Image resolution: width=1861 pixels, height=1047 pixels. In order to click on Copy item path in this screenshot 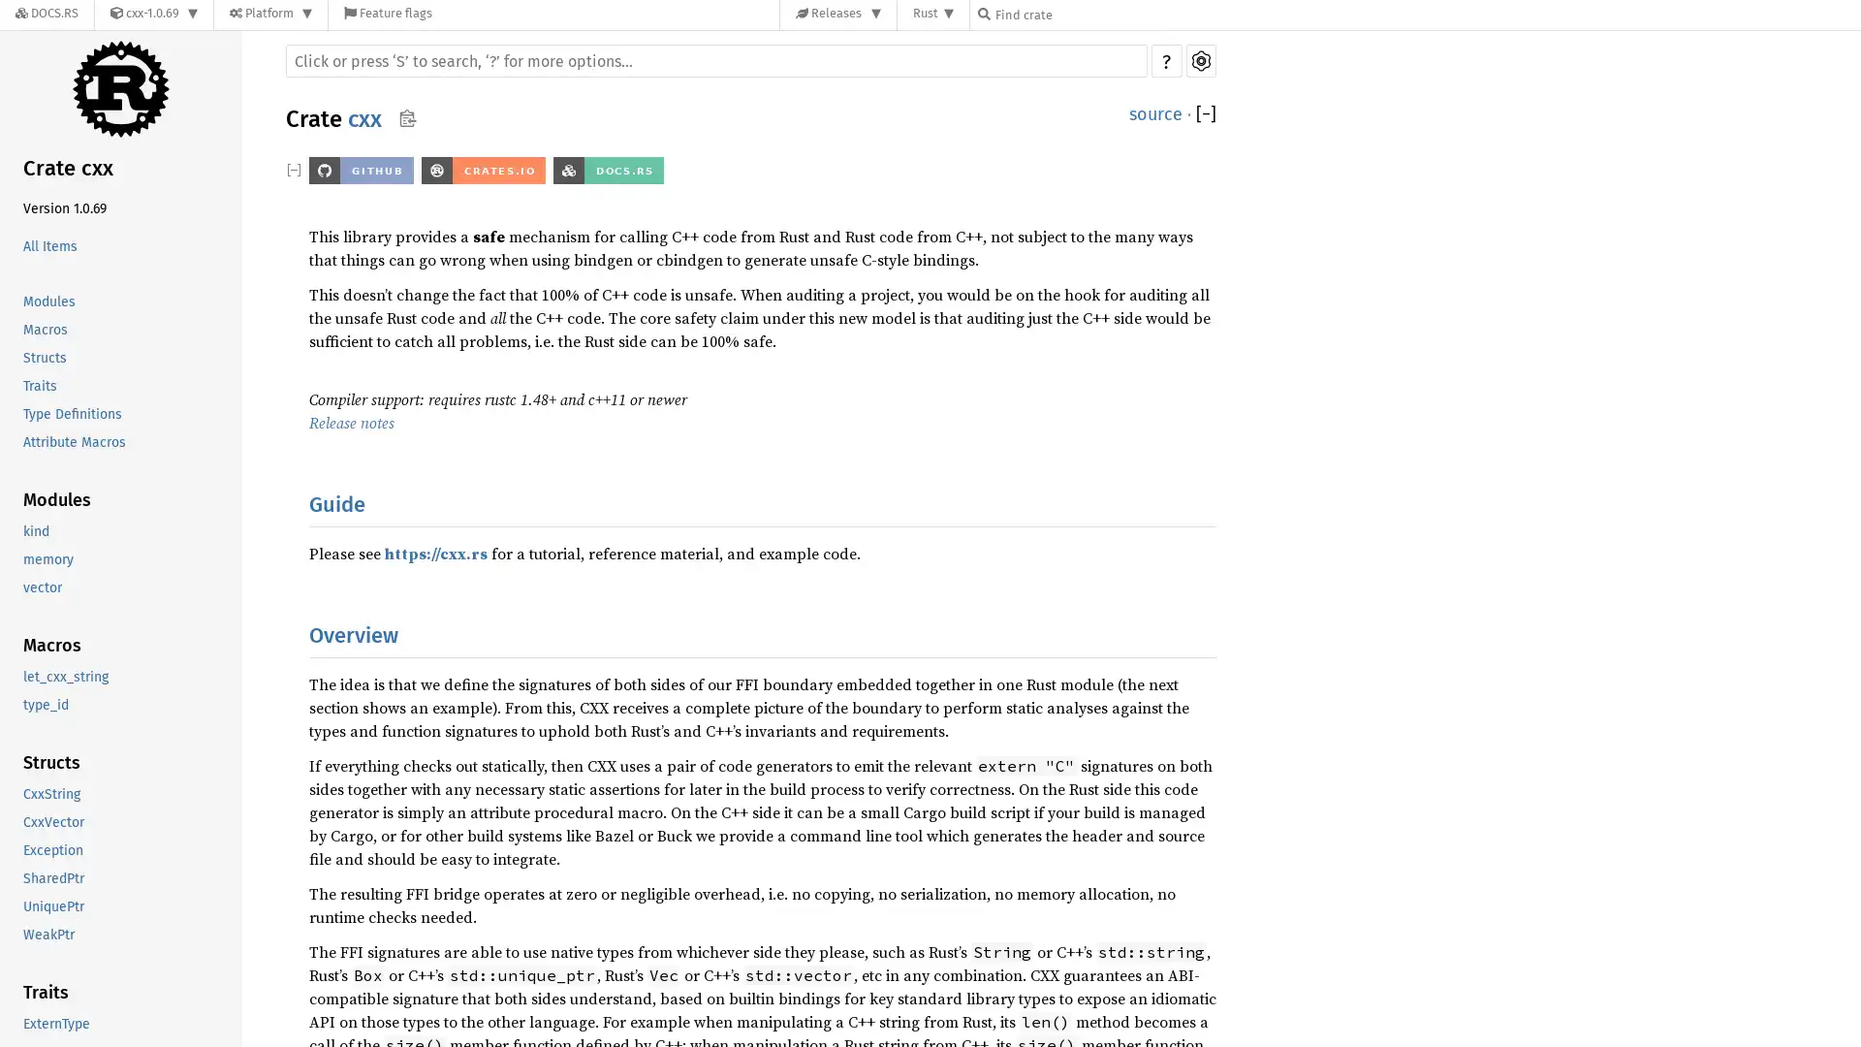, I will do `click(406, 118)`.